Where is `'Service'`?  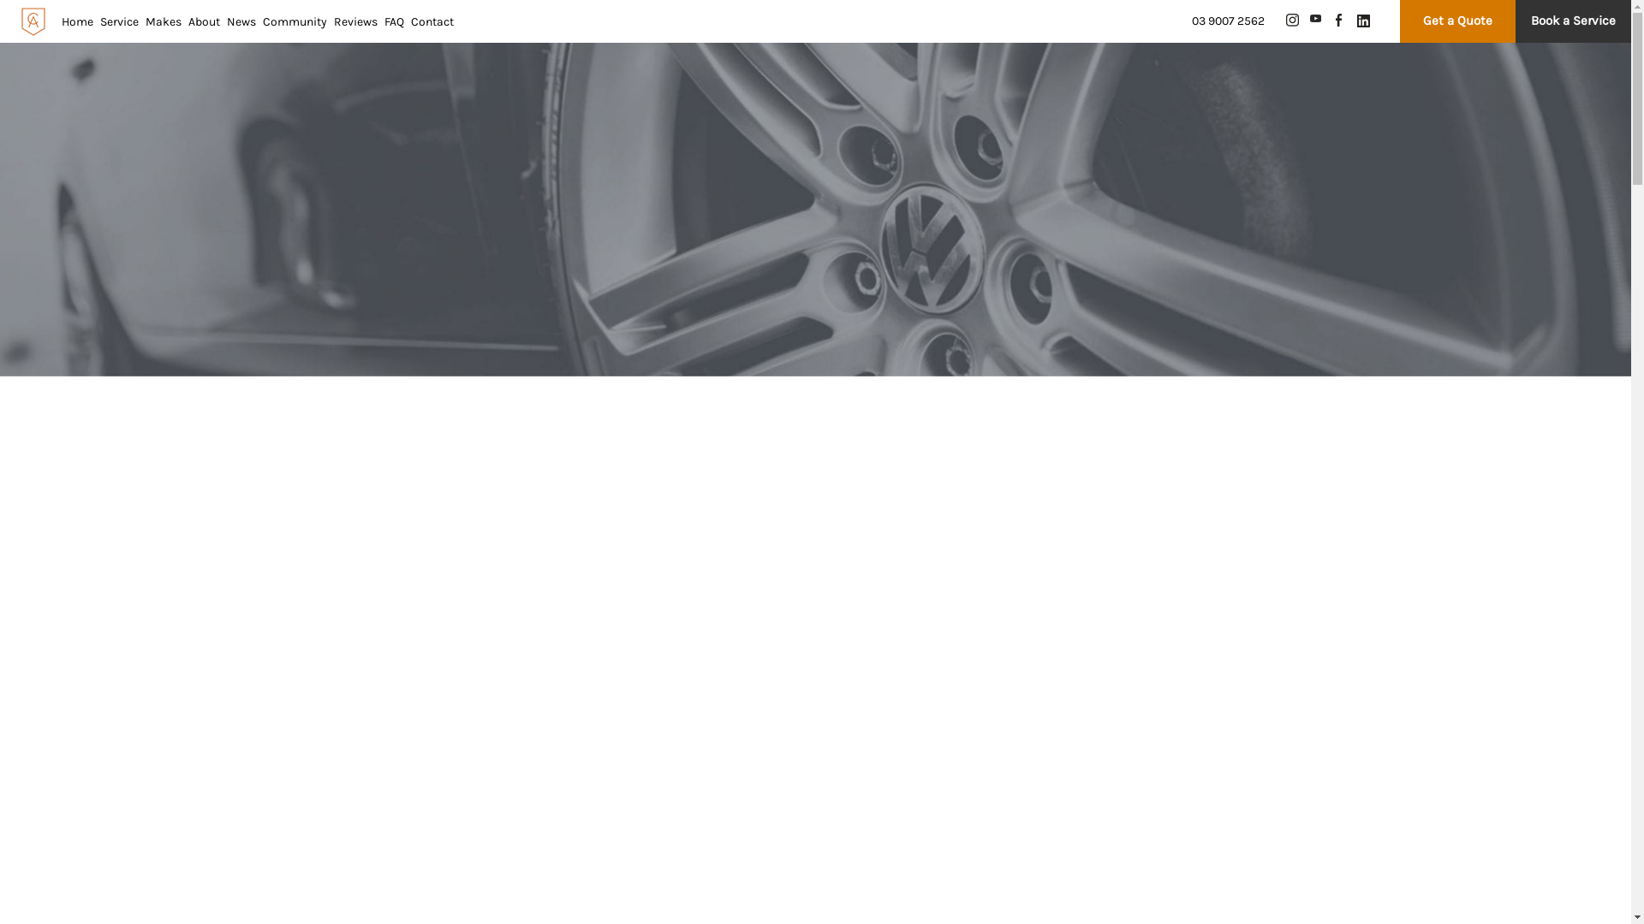
'Service' is located at coordinates (118, 21).